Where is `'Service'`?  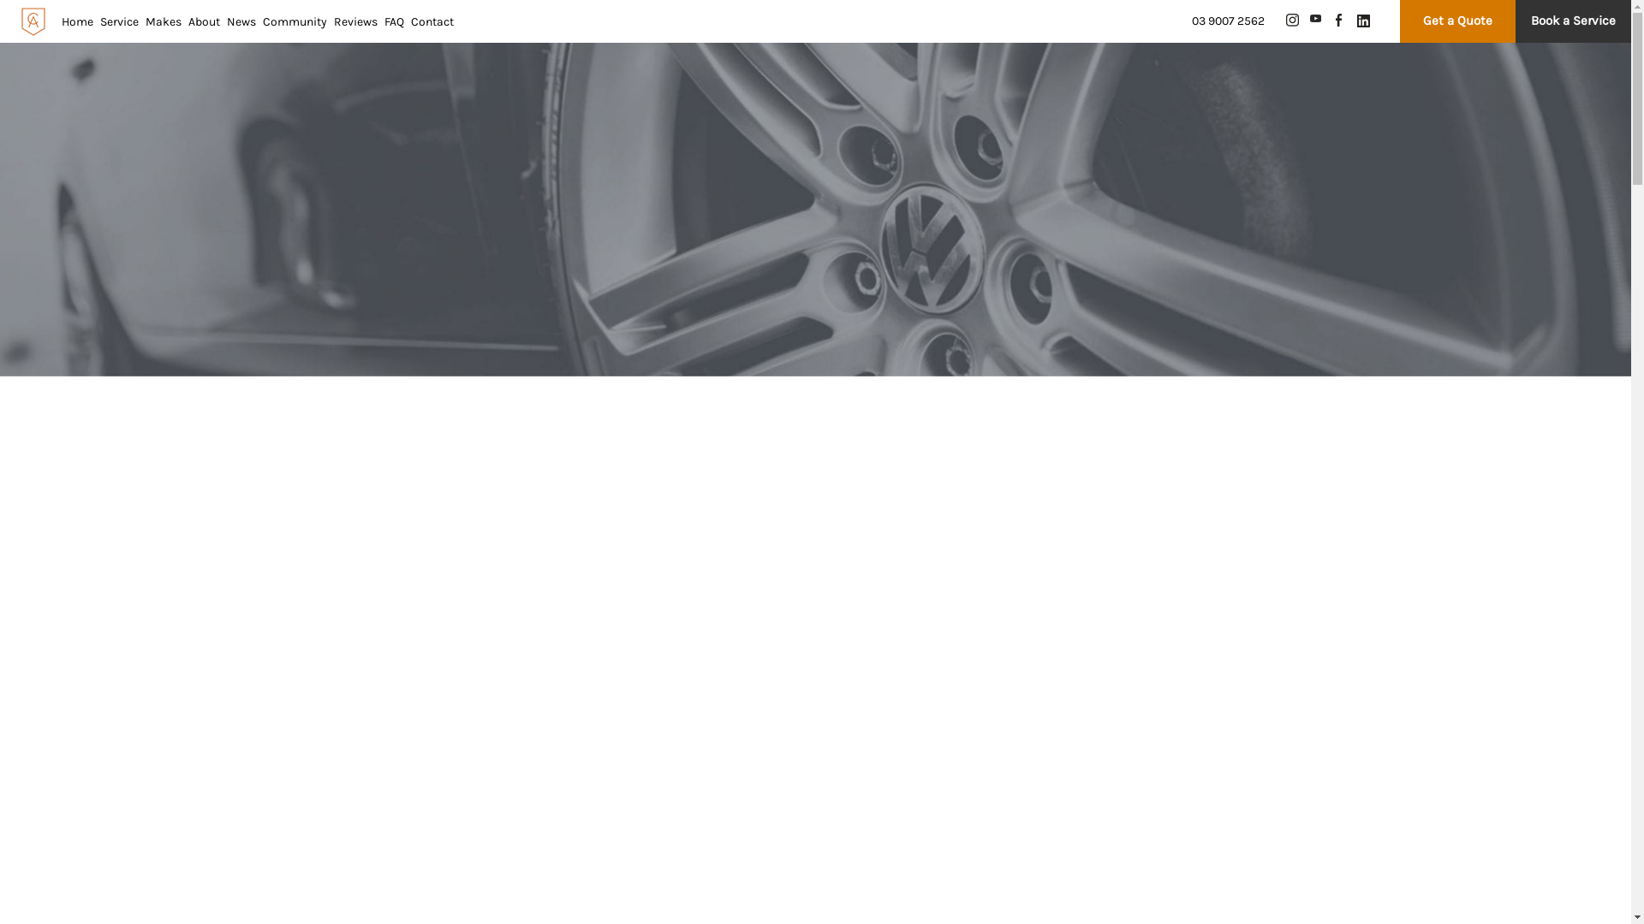
'Service' is located at coordinates (118, 21).